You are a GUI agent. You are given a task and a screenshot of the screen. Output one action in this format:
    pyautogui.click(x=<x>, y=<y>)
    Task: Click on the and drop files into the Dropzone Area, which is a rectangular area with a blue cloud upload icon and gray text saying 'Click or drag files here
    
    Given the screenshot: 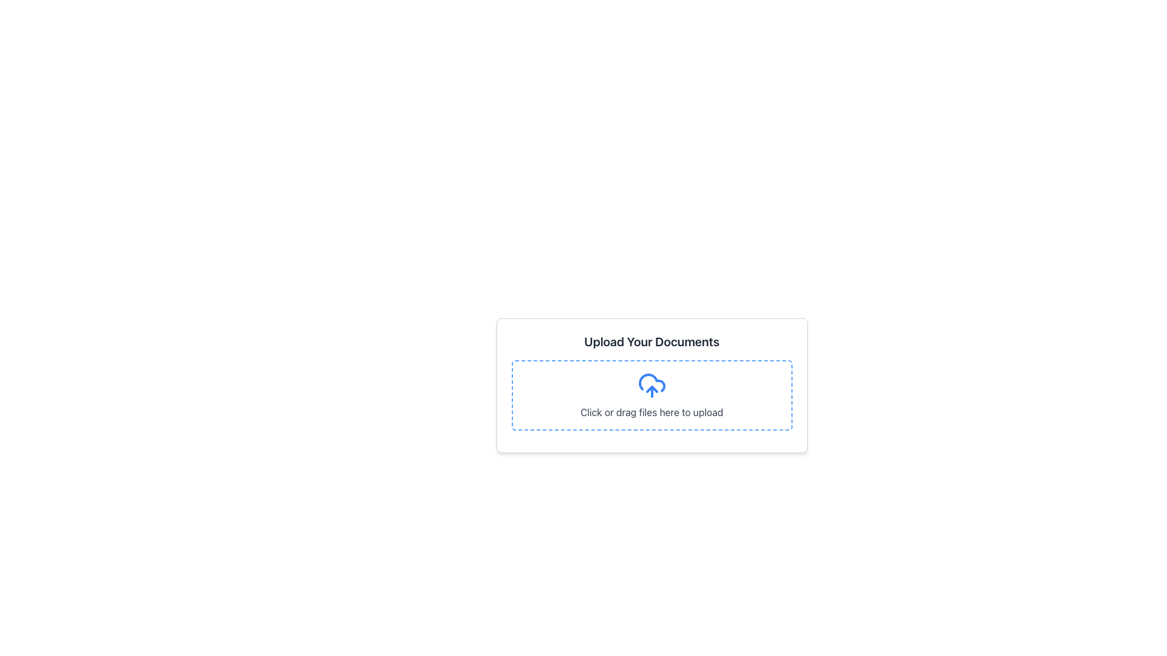 What is the action you would take?
    pyautogui.click(x=651, y=395)
    